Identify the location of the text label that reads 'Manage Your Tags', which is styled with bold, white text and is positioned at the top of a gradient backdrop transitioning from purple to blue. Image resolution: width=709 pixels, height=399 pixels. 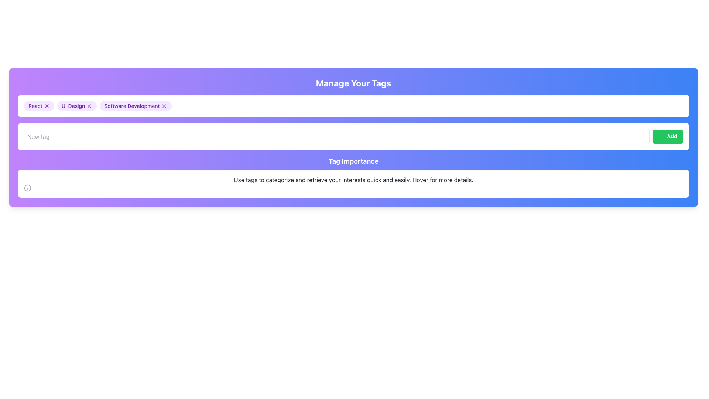
(353, 83).